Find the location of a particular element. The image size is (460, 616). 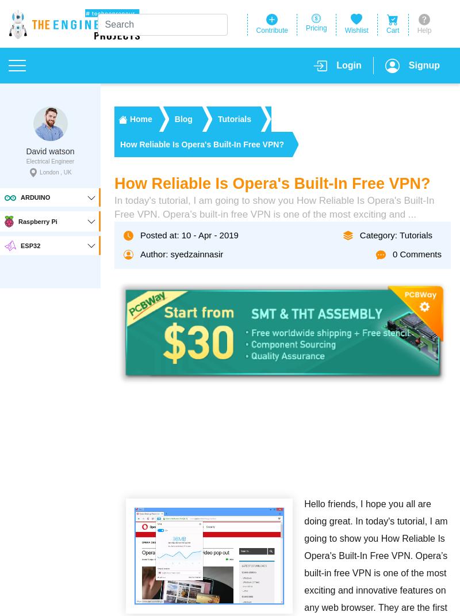

'Cart' is located at coordinates (392, 29).